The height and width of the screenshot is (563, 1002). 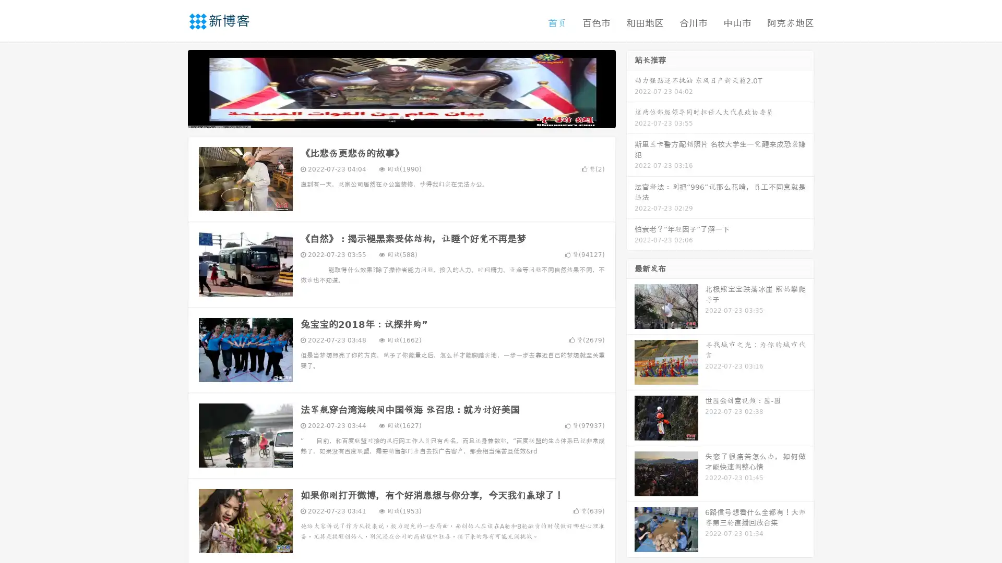 I want to click on Go to slide 3, so click(x=412, y=117).